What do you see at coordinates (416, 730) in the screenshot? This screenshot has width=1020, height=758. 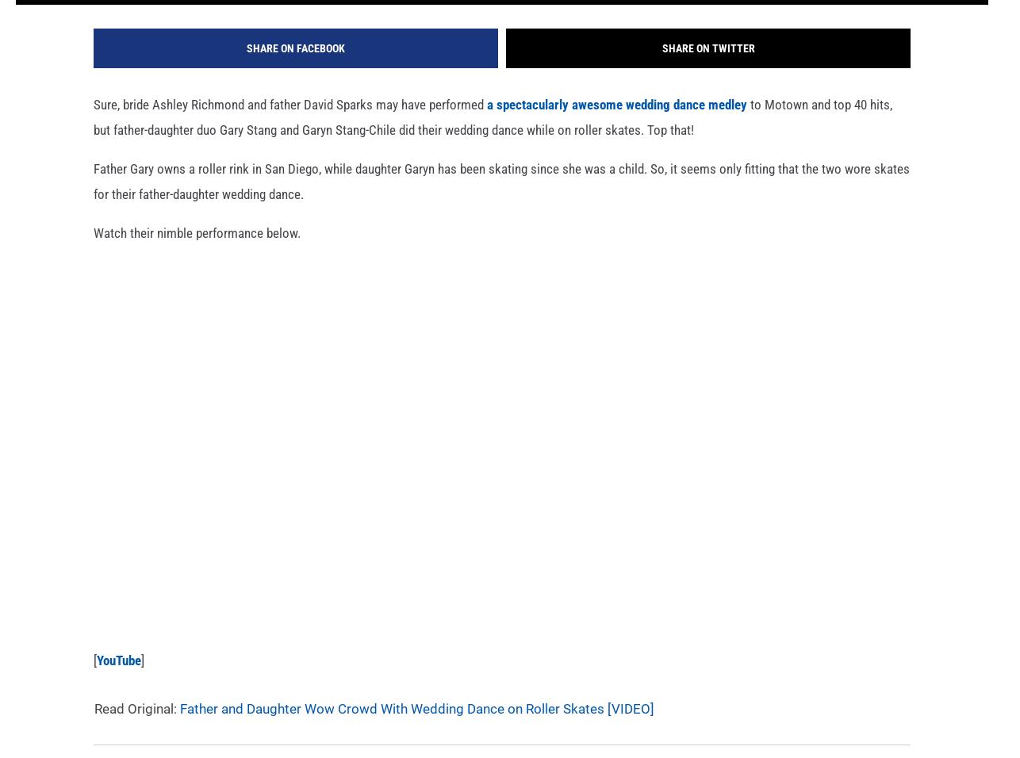 I see `'Father and Daughter Wow Crowd With Wedding Dance on Roller Skates [VIDEO]'` at bounding box center [416, 730].